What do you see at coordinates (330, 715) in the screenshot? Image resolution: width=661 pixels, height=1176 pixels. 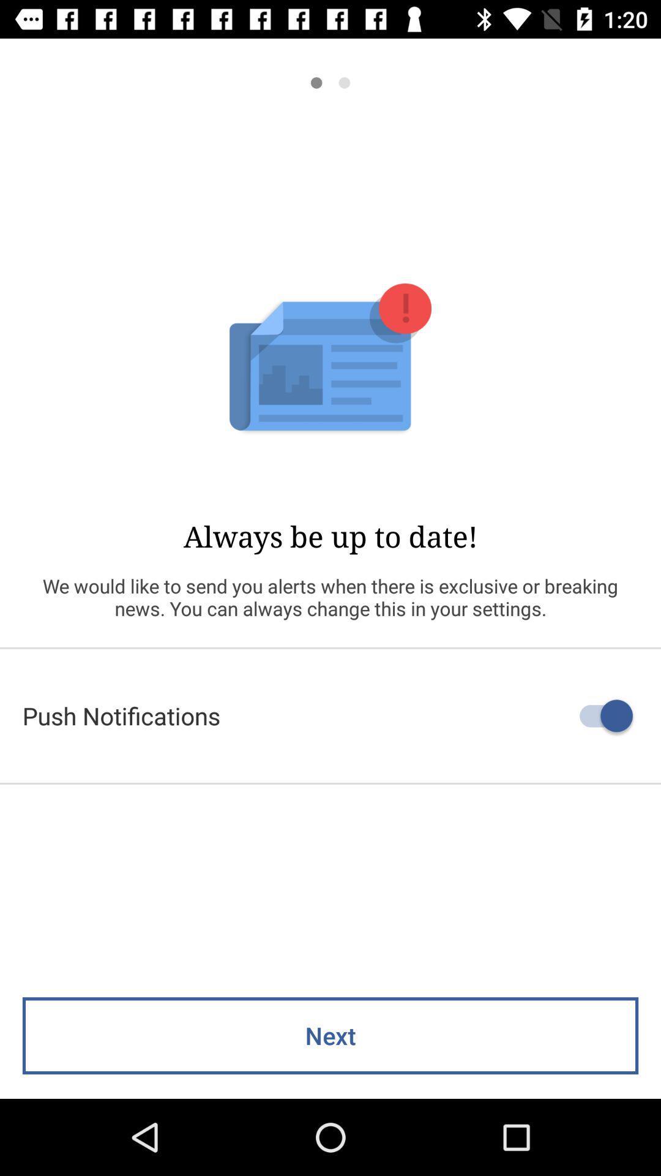 I see `the push notifications icon` at bounding box center [330, 715].